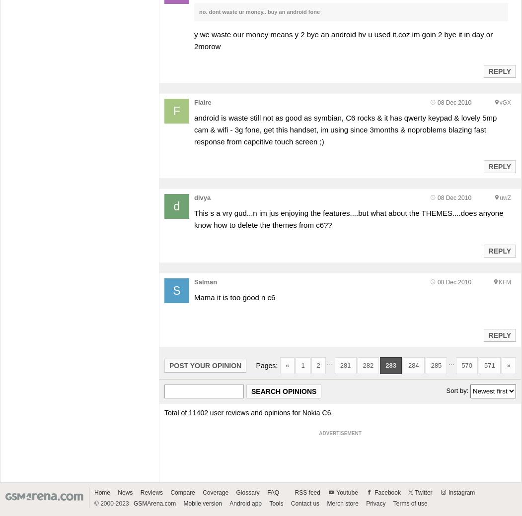  Describe the element at coordinates (151, 492) in the screenshot. I see `'Reviews'` at that location.